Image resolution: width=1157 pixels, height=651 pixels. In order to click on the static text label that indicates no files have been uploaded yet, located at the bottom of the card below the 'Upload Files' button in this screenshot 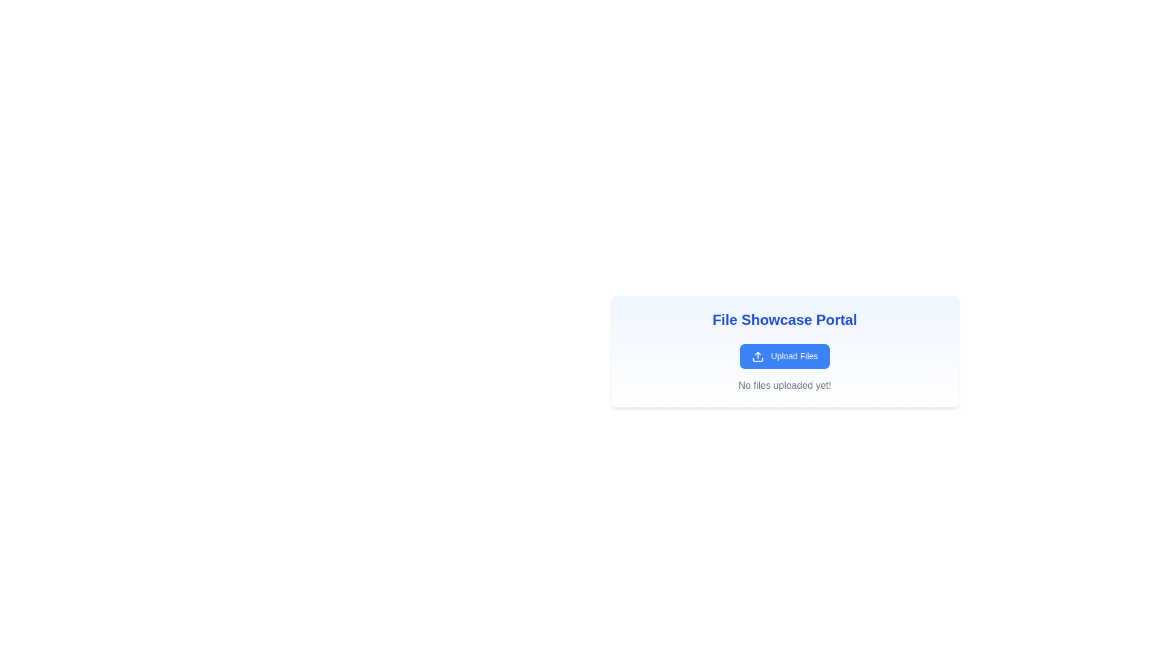, I will do `click(785, 386)`.